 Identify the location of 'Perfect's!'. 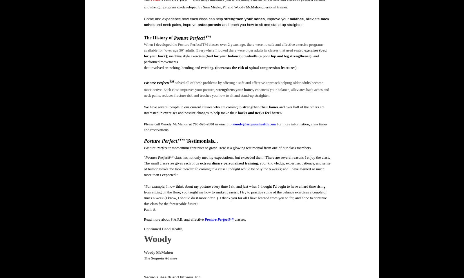
(163, 147).